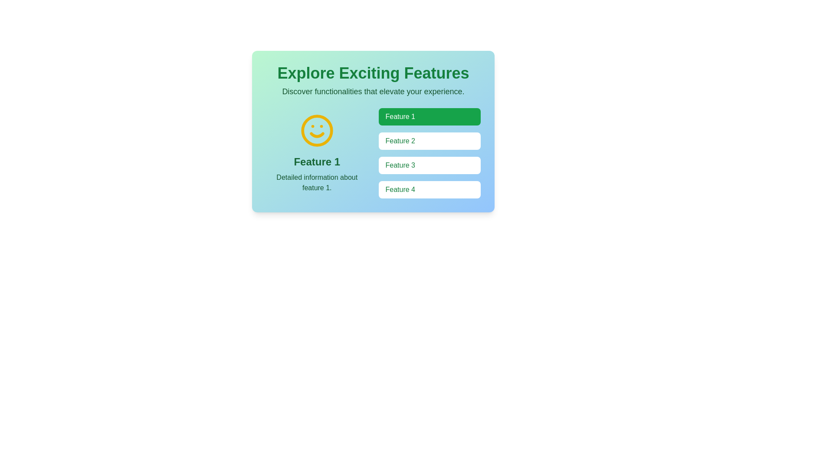 This screenshot has height=469, width=833. Describe the element at coordinates (430, 116) in the screenshot. I see `the 'Feature 1' button` at that location.